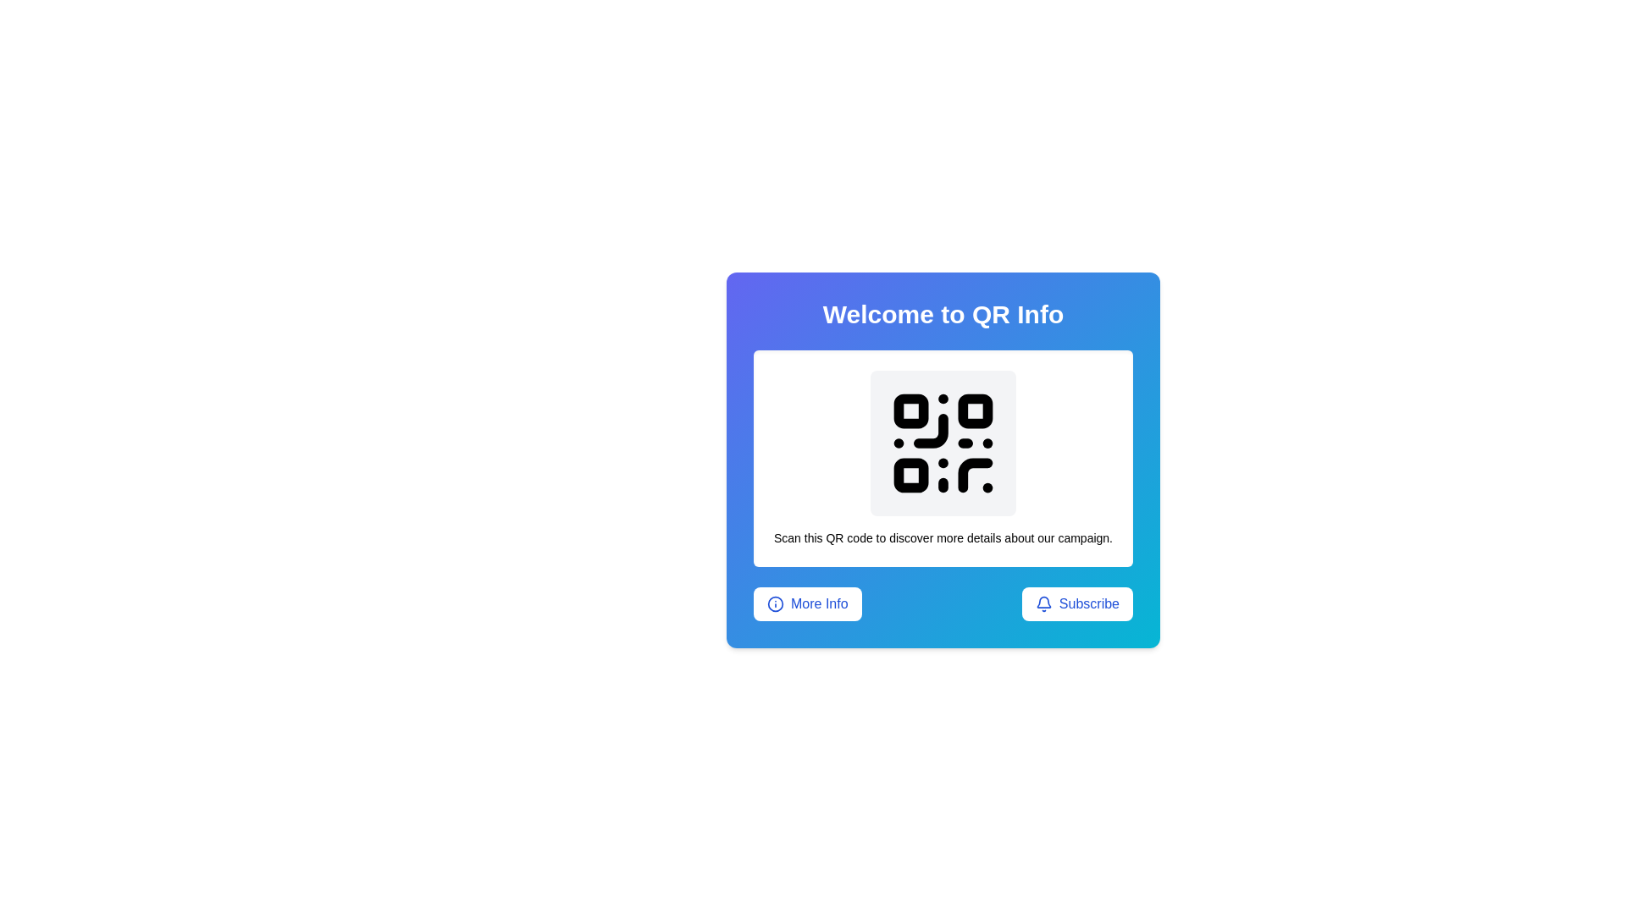 Image resolution: width=1626 pixels, height=914 pixels. I want to click on the graphical component within the QR code representation located in the top-left corner of the QR code structure, so click(910, 411).